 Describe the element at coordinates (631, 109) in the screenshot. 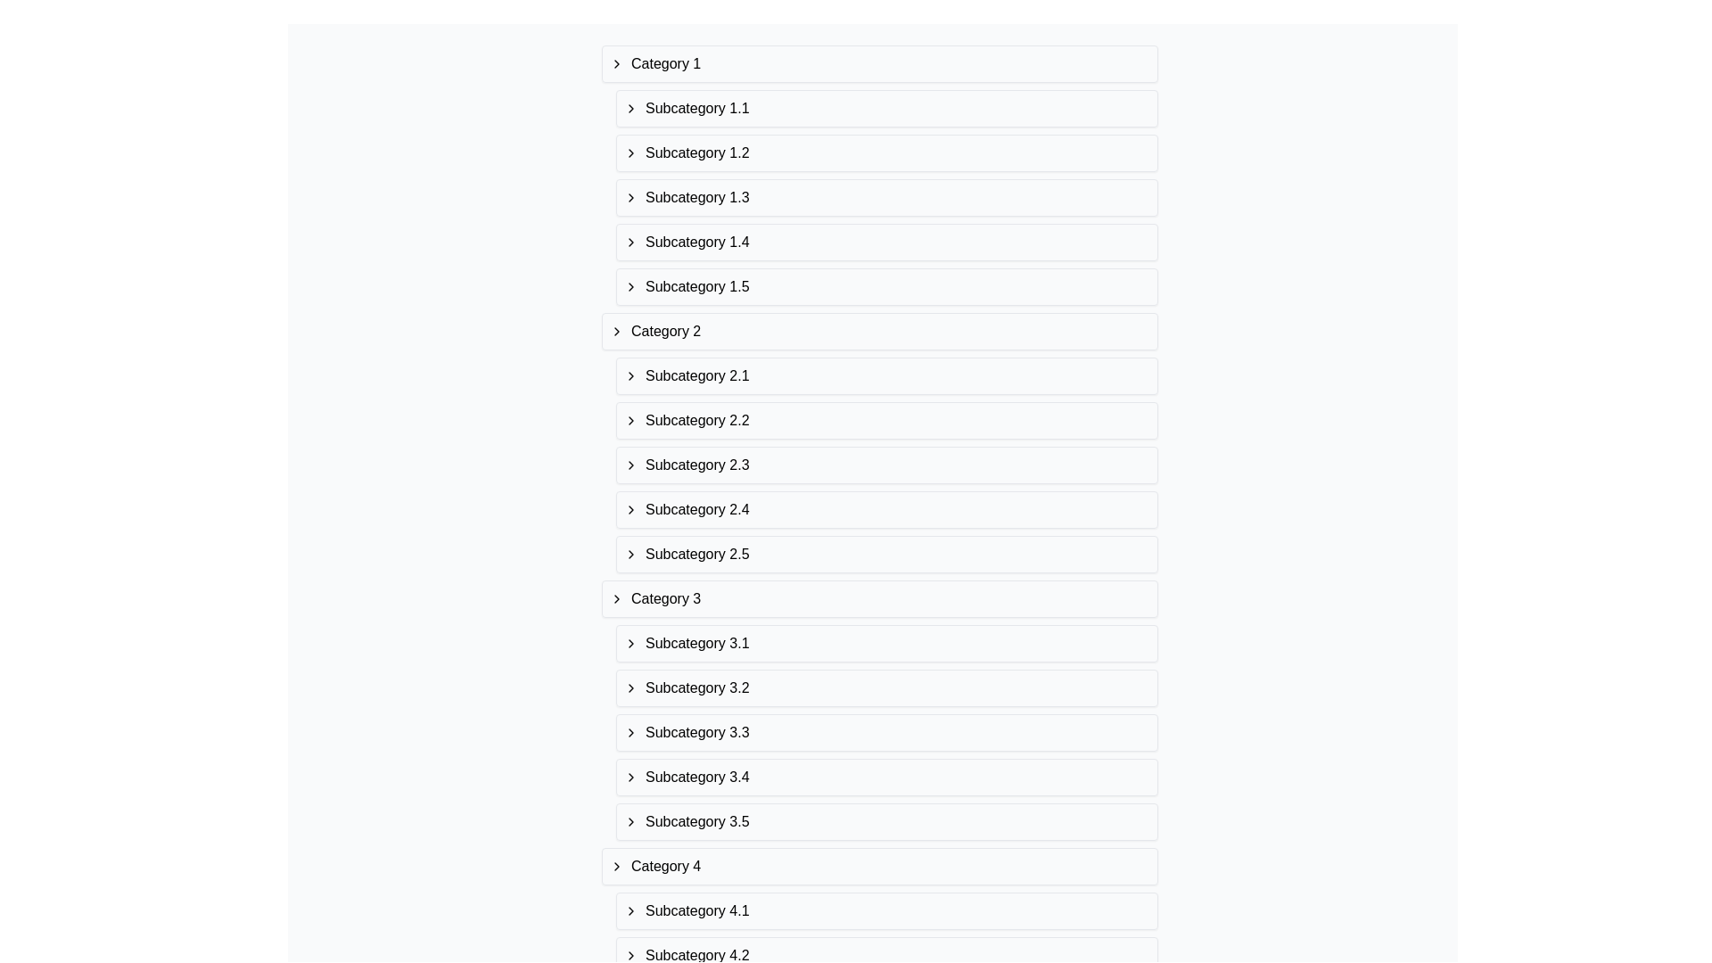

I see `the rightward-pointing chevron icon located before the text label 'Subcategory 1.1'` at that location.